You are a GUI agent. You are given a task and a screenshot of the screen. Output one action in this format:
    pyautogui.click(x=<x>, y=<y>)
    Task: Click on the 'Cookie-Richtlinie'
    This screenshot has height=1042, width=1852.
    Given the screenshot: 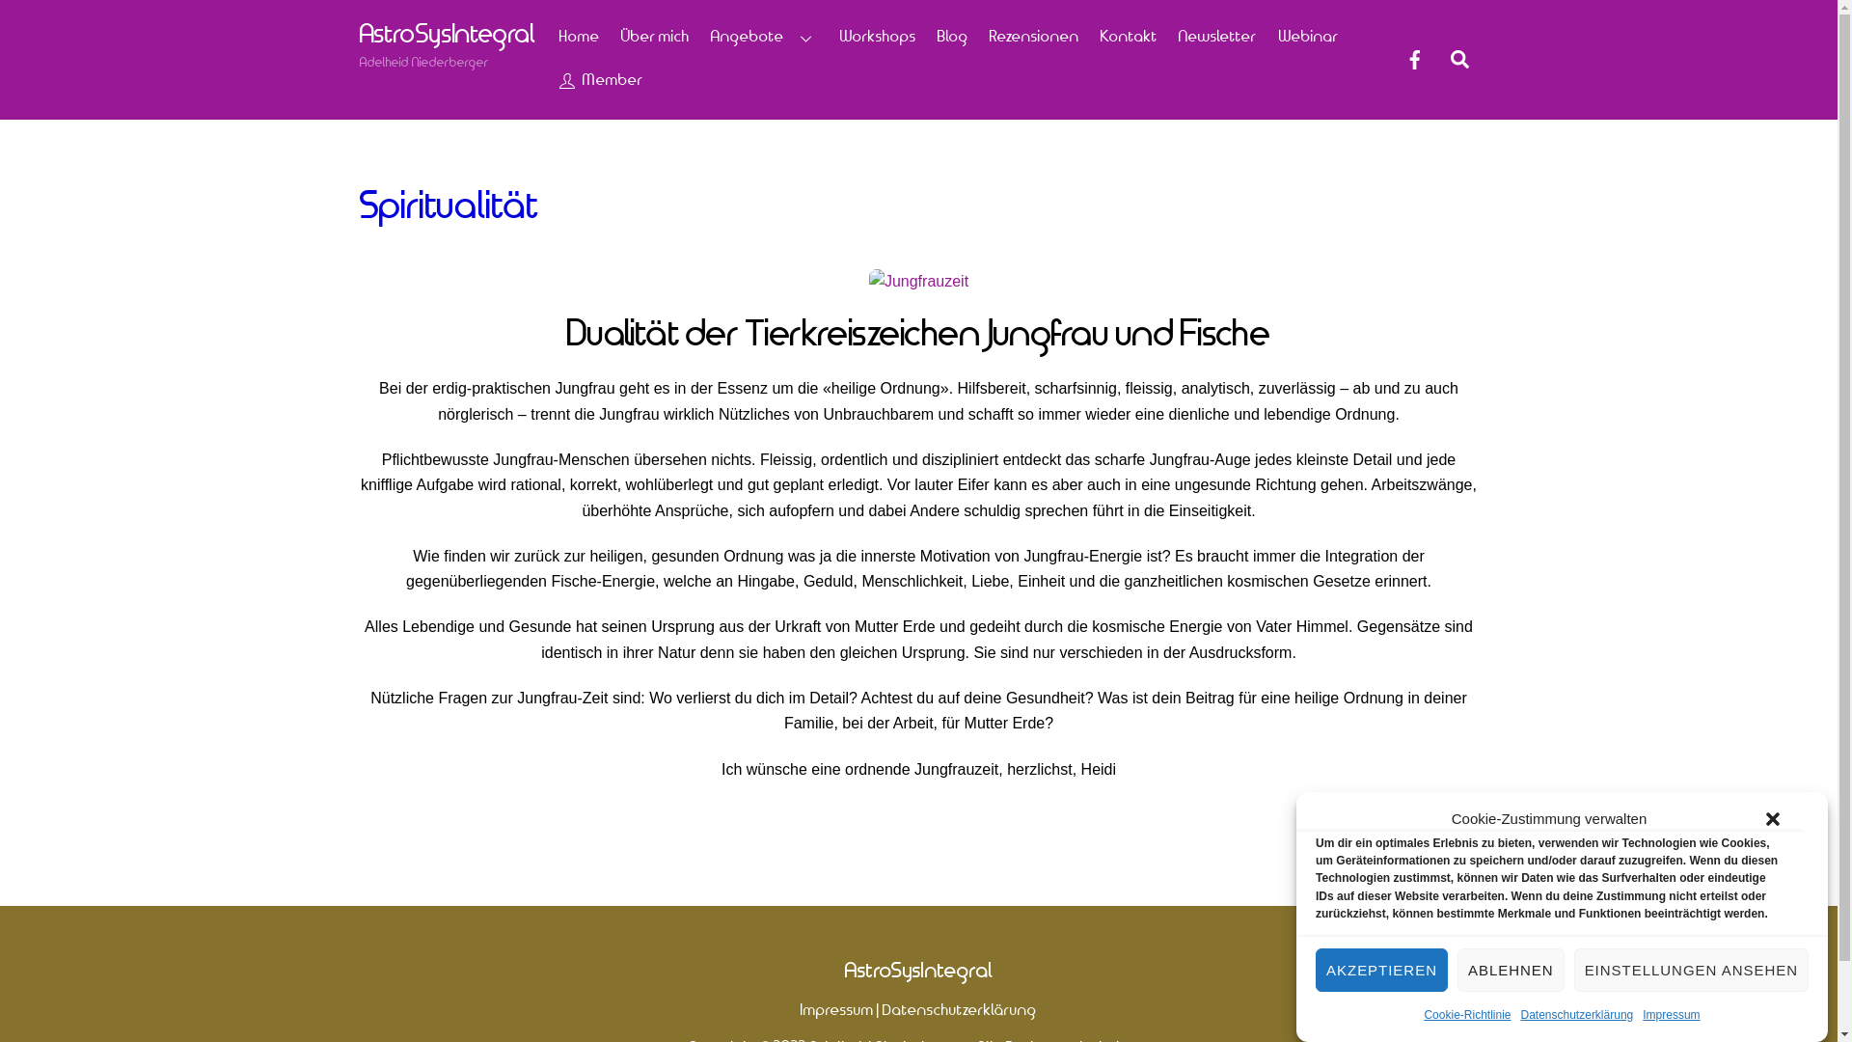 What is the action you would take?
    pyautogui.click(x=1466, y=1014)
    